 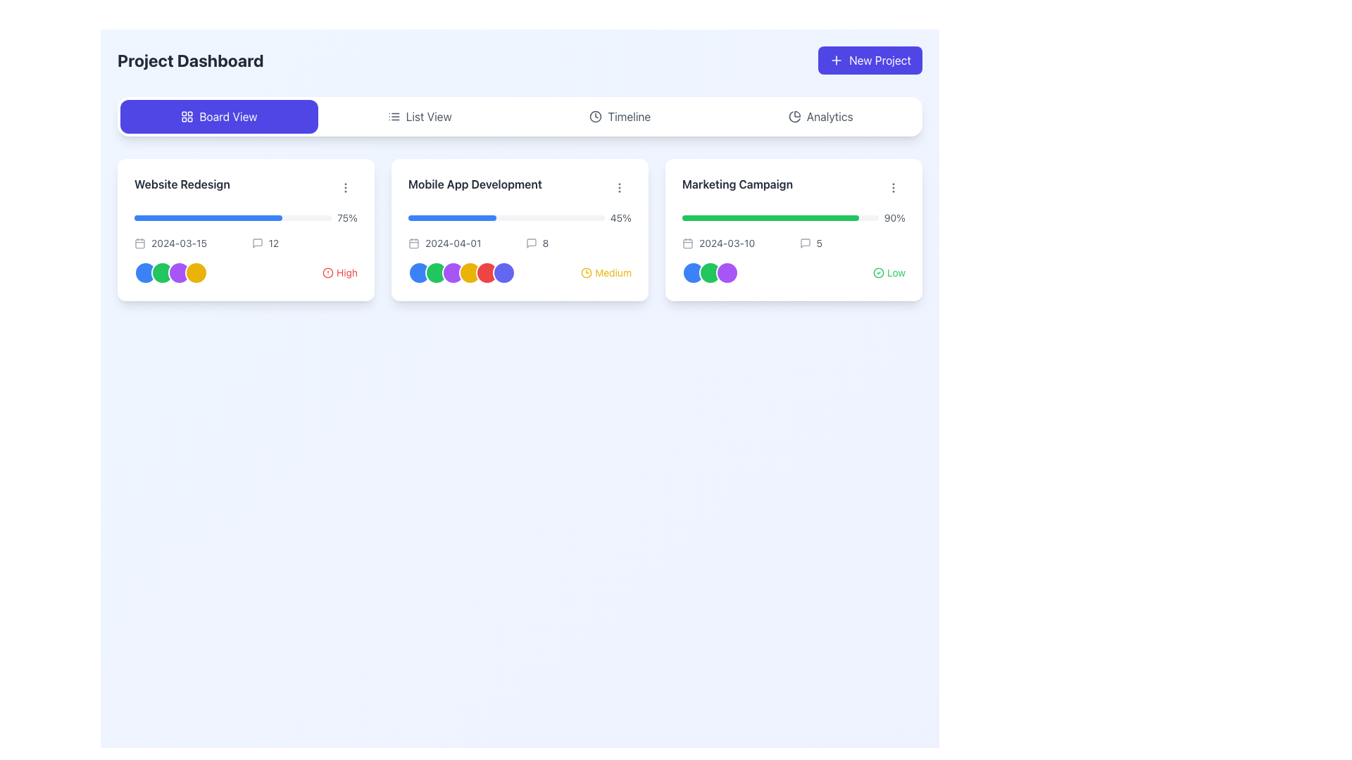 I want to click on the timeline label in the navigation bar, located centrally between the 'List View' and 'Analytics', following the clock icon, so click(x=628, y=115).